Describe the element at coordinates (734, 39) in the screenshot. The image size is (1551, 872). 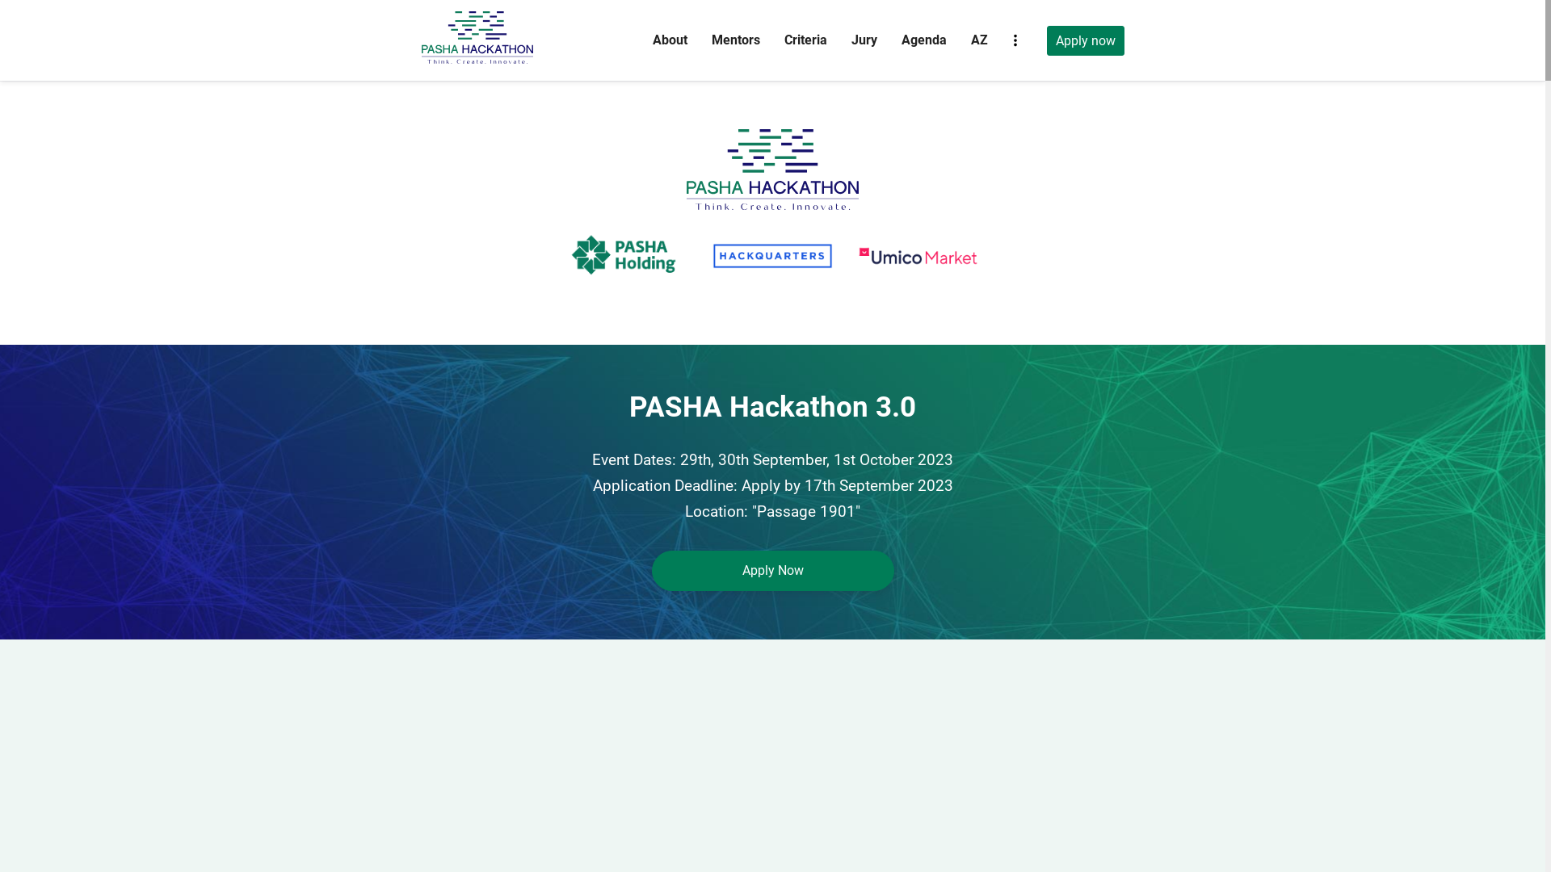
I see `'Mentors'` at that location.